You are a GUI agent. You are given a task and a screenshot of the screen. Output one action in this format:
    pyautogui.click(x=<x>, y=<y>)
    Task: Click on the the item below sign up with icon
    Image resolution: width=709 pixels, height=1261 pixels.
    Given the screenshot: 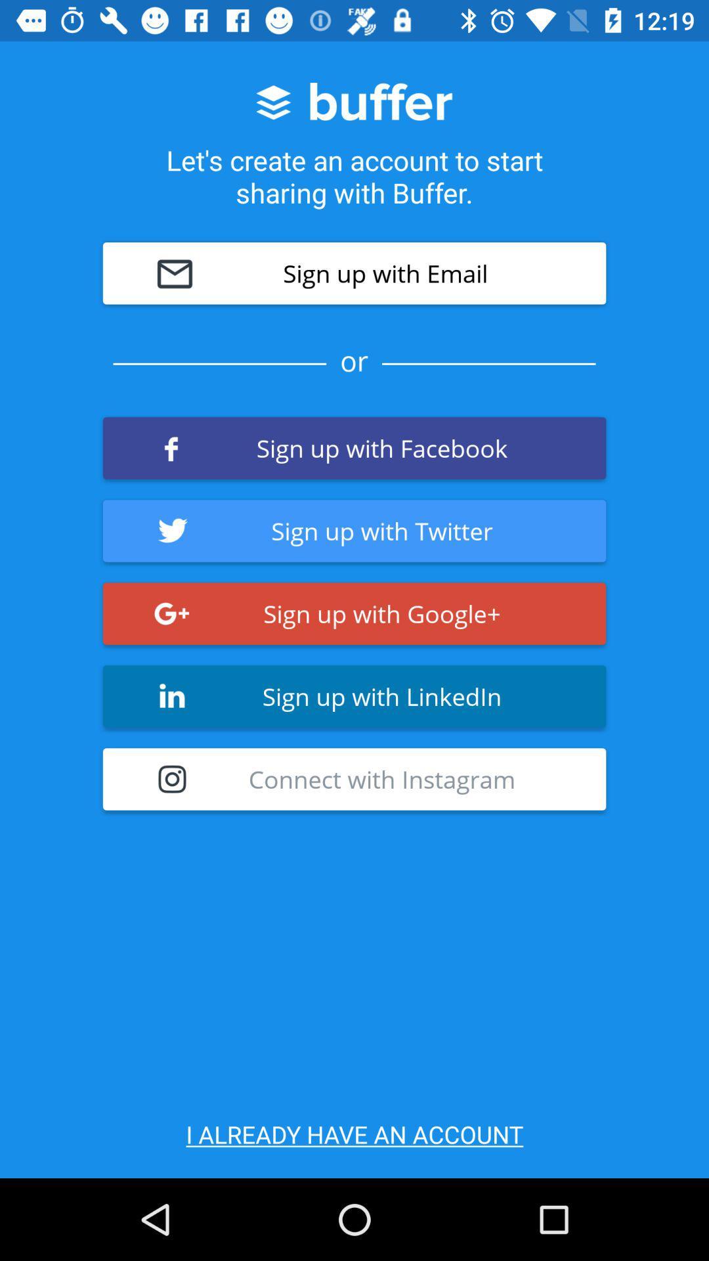 What is the action you would take?
    pyautogui.click(x=354, y=779)
    